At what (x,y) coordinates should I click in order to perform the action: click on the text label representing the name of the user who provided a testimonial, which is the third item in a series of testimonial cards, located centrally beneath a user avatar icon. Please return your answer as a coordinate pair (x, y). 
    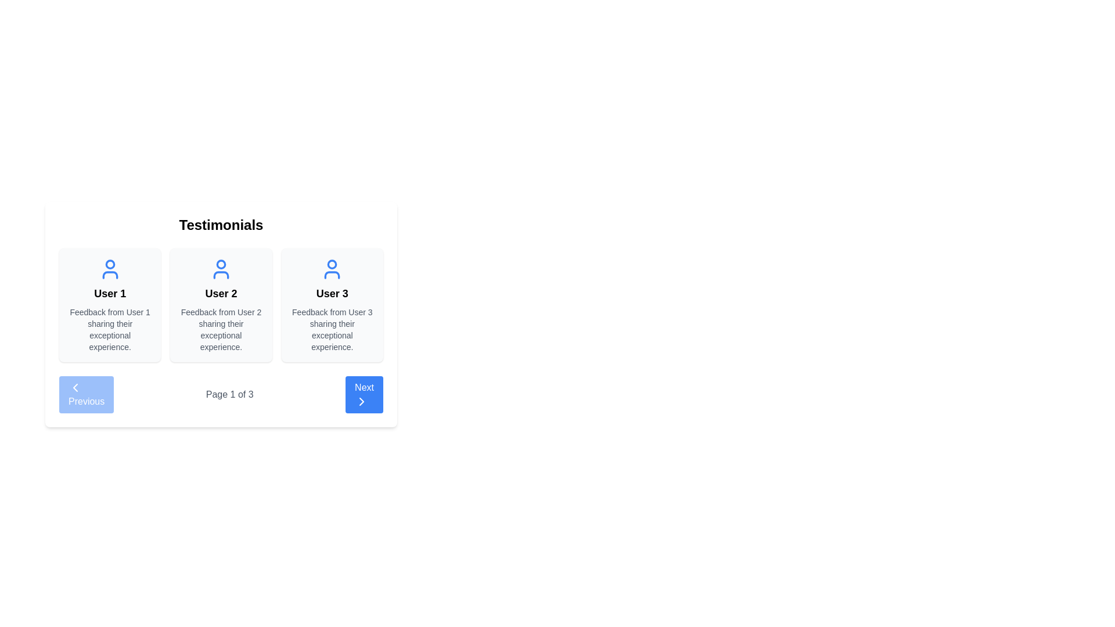
    Looking at the image, I should click on (332, 293).